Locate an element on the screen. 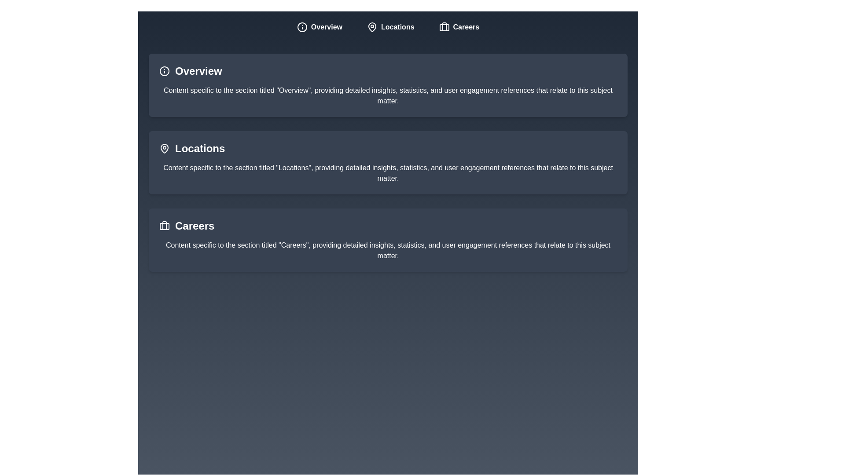  the circular icon located to the left of the 'Overview' label in the navigation bar is located at coordinates (302, 26).